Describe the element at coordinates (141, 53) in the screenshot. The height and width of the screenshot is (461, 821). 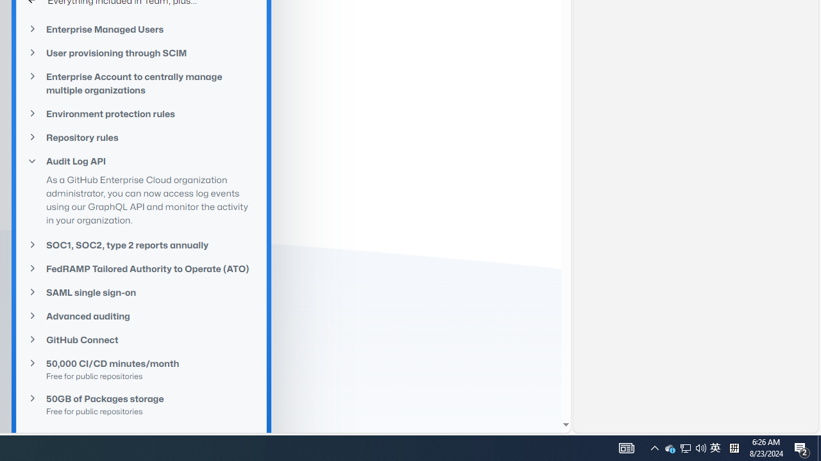
I see `'User provisioning through SCIM'` at that location.